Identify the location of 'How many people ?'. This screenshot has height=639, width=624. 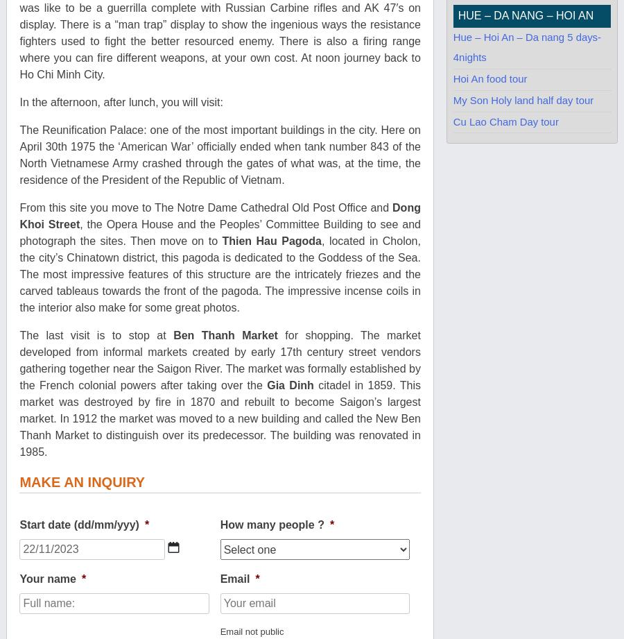
(272, 525).